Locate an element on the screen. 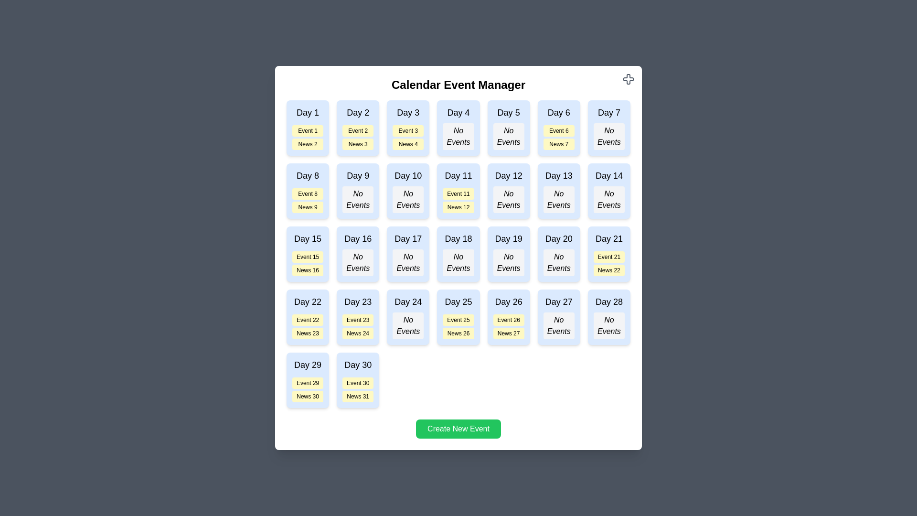 The width and height of the screenshot is (917, 516). the 'Create New Event' button to initiate the creation of a new event is located at coordinates (458, 429).